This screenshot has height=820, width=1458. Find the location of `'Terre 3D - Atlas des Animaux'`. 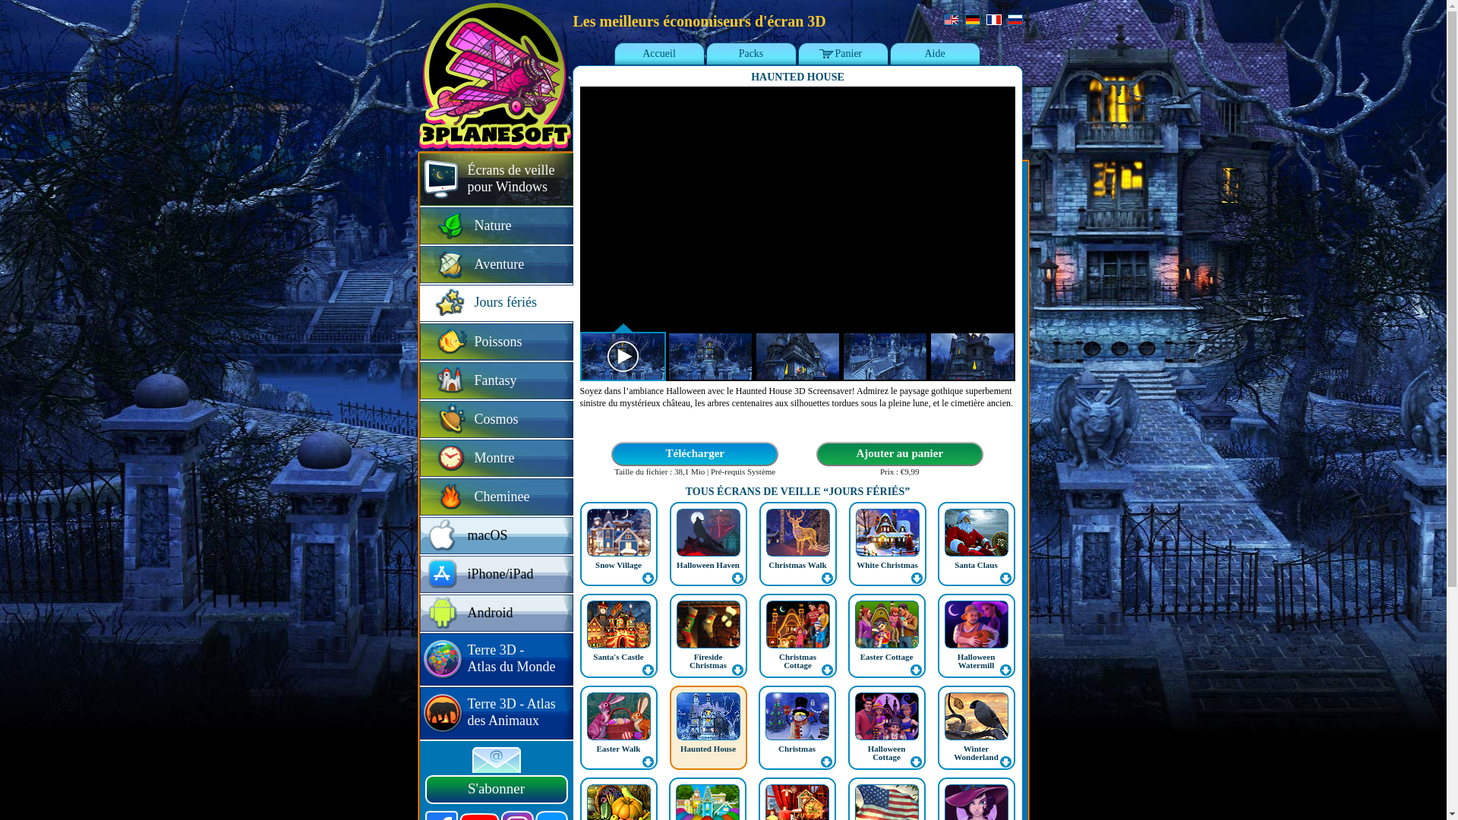

'Terre 3D - Atlas des Animaux' is located at coordinates (419, 714).